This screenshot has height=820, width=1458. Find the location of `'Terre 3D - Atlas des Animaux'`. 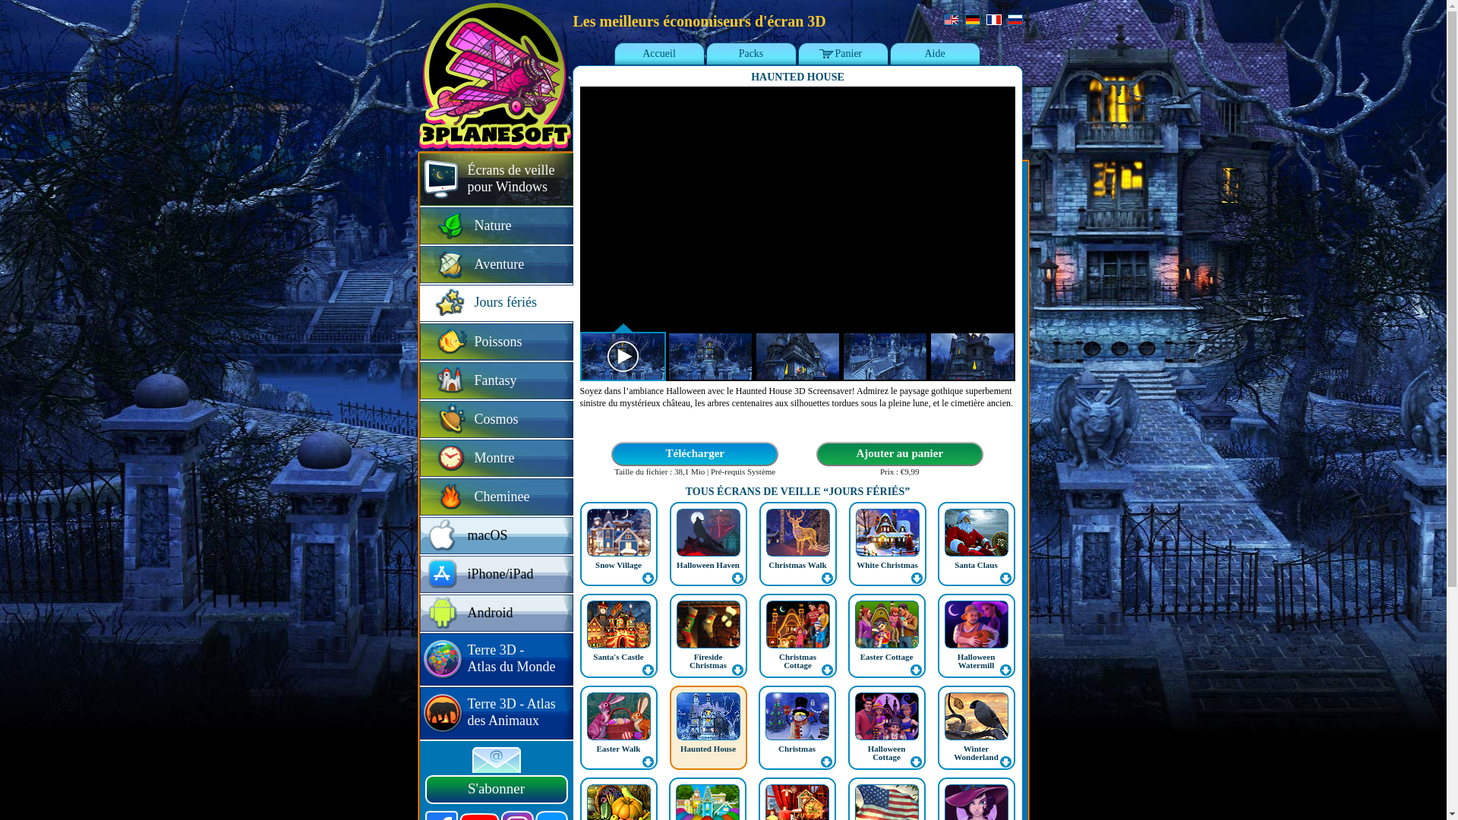

'Terre 3D - Atlas des Animaux' is located at coordinates (419, 714).